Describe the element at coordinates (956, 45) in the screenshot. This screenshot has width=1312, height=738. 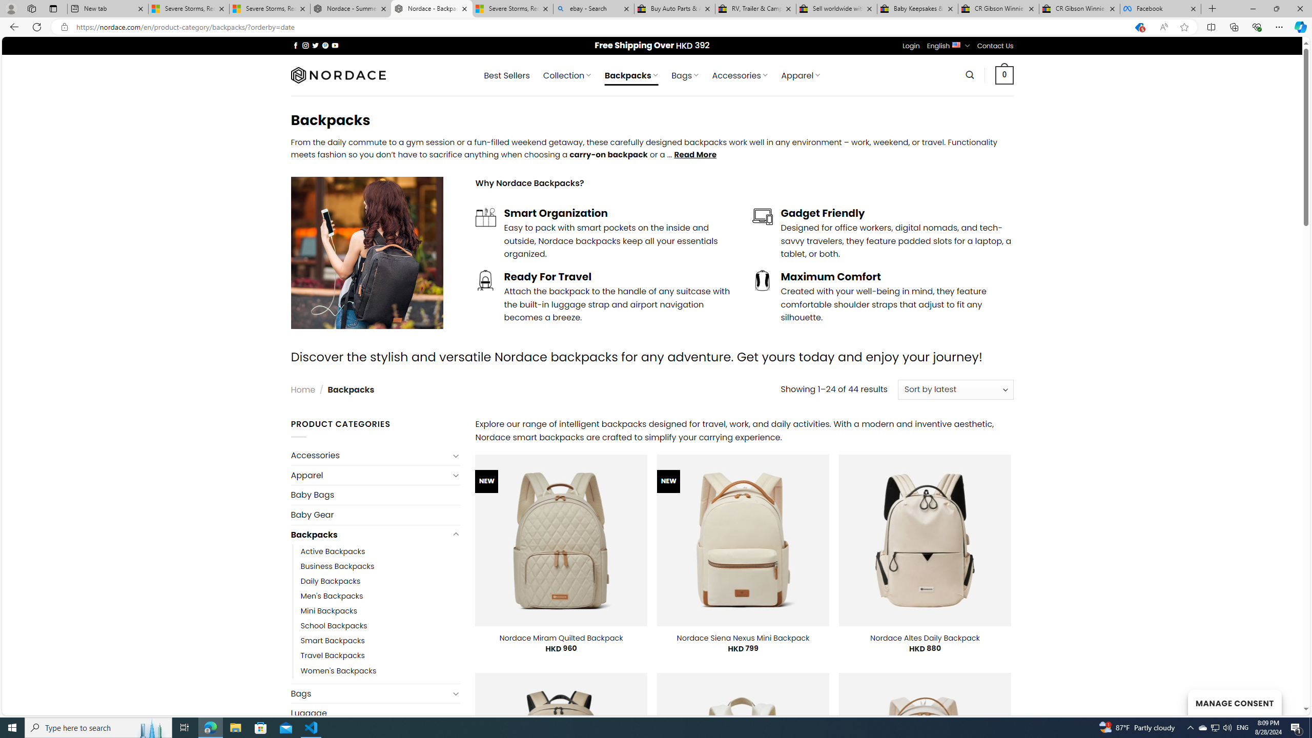
I see `'English'` at that location.